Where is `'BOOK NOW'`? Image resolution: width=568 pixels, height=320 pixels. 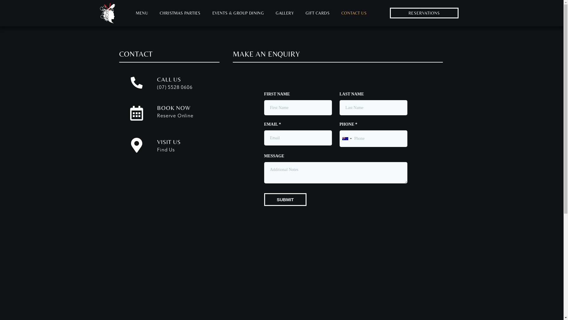
'BOOK NOW' is located at coordinates (173, 108).